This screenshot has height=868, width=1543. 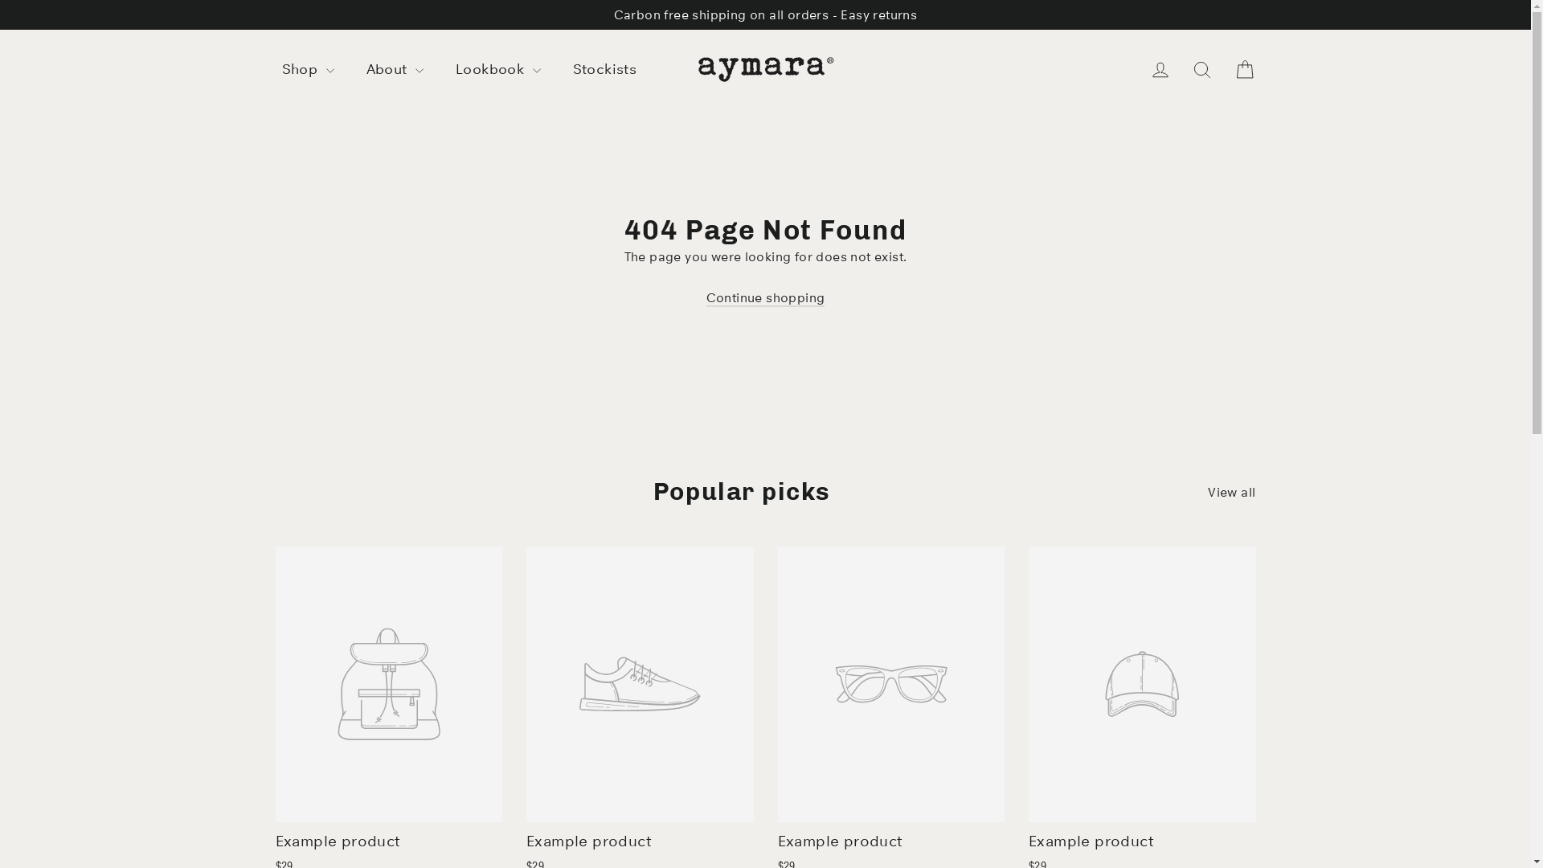 What do you see at coordinates (1160, 69) in the screenshot?
I see `'Log in'` at bounding box center [1160, 69].